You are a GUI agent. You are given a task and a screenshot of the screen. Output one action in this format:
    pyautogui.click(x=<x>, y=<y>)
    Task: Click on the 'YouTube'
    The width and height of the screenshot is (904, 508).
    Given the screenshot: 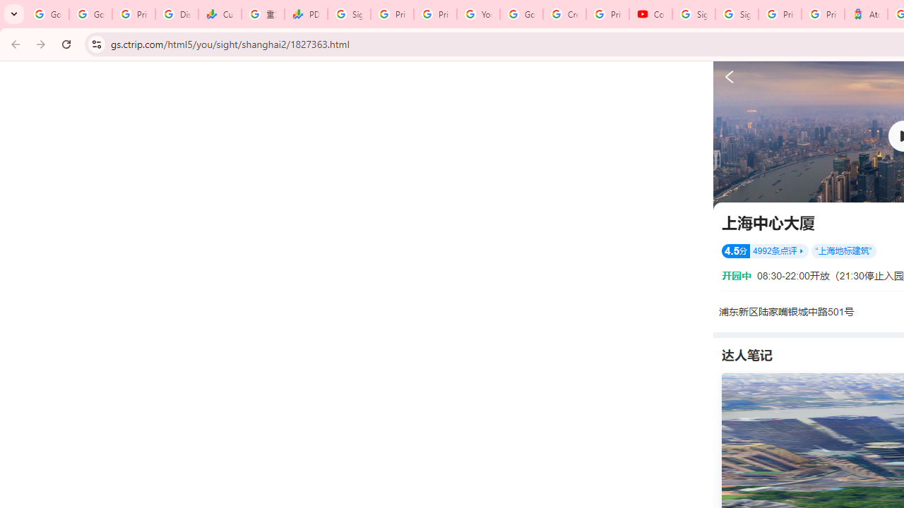 What is the action you would take?
    pyautogui.click(x=478, y=14)
    